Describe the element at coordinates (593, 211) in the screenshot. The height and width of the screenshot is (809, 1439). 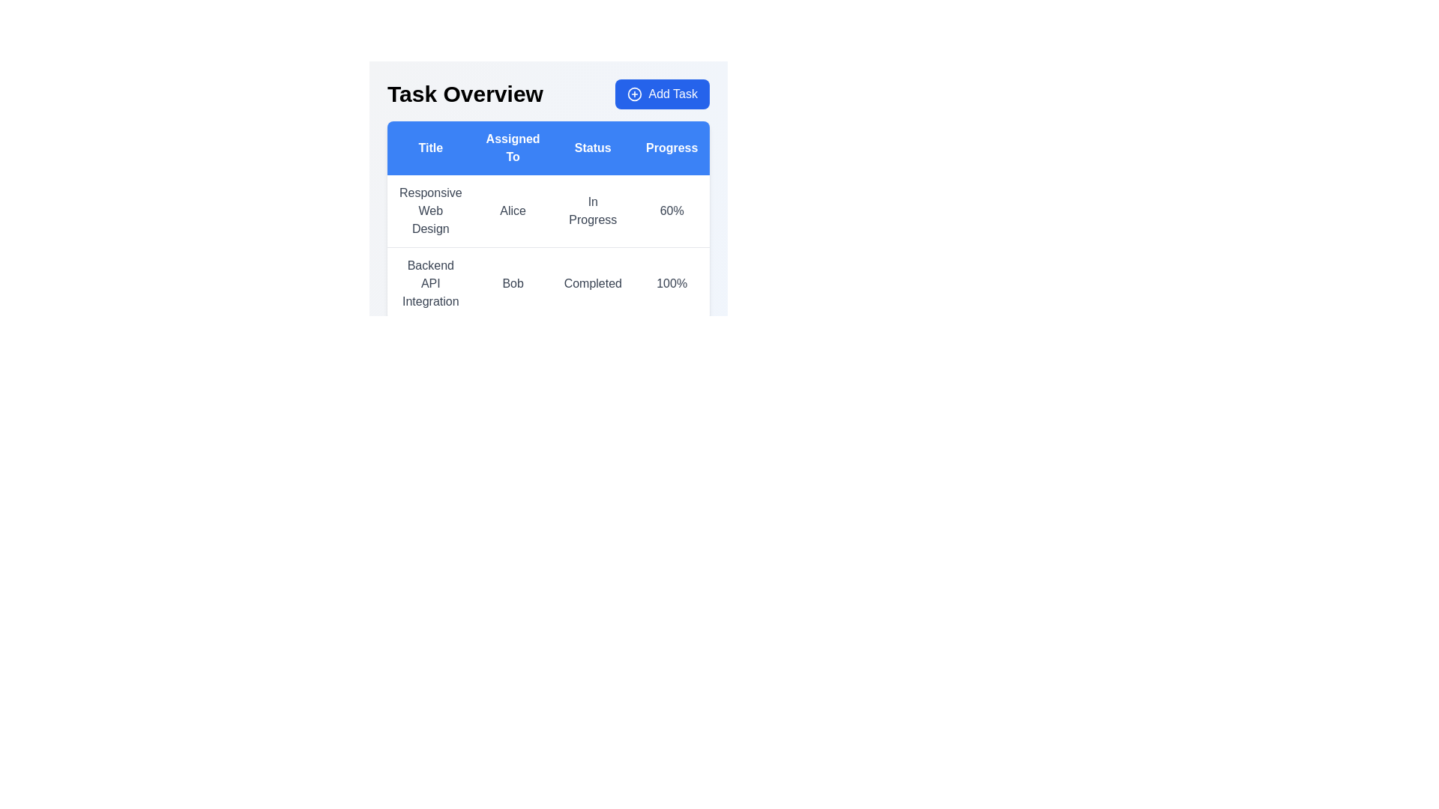
I see `the first row entry in the table that contains the text 'Responsive Web Design', 'Alice', 'In Progress', and '60%'` at that location.